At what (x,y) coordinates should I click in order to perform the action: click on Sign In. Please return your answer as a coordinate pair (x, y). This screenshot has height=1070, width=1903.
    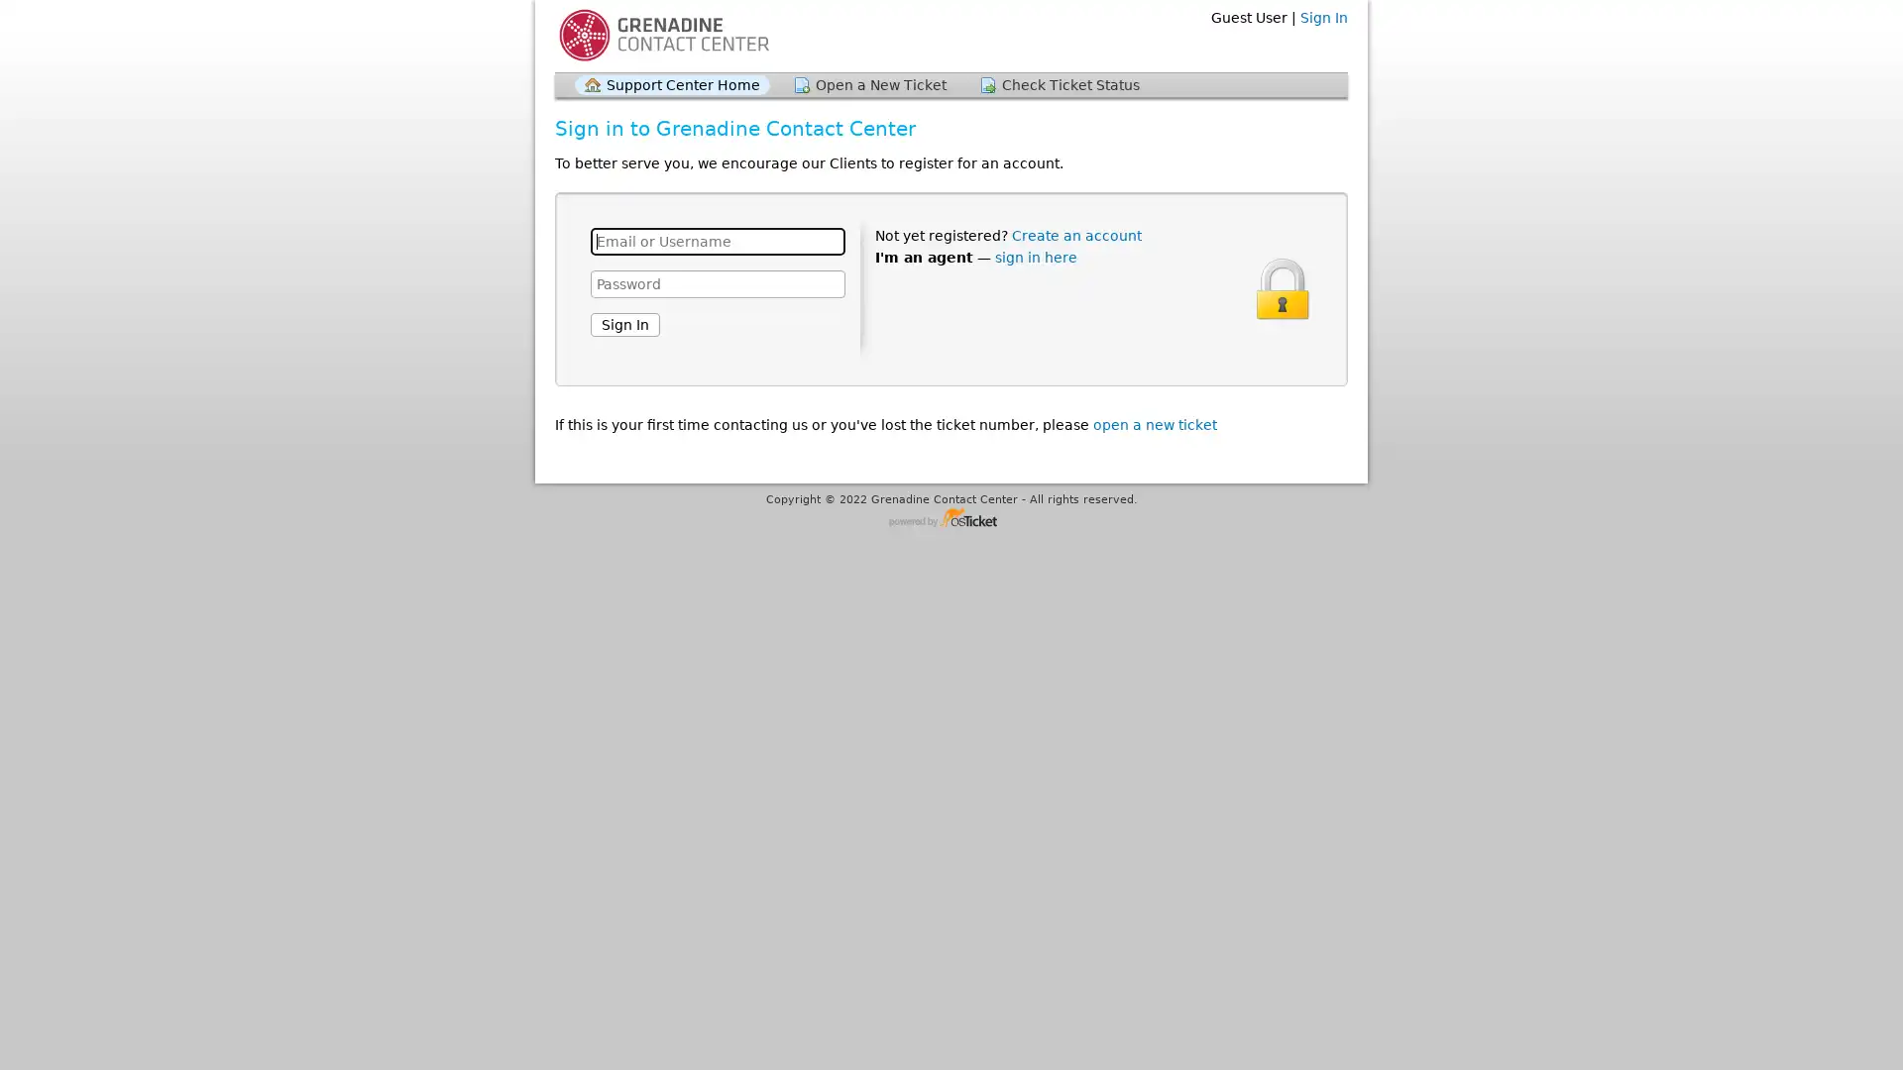
    Looking at the image, I should click on (623, 323).